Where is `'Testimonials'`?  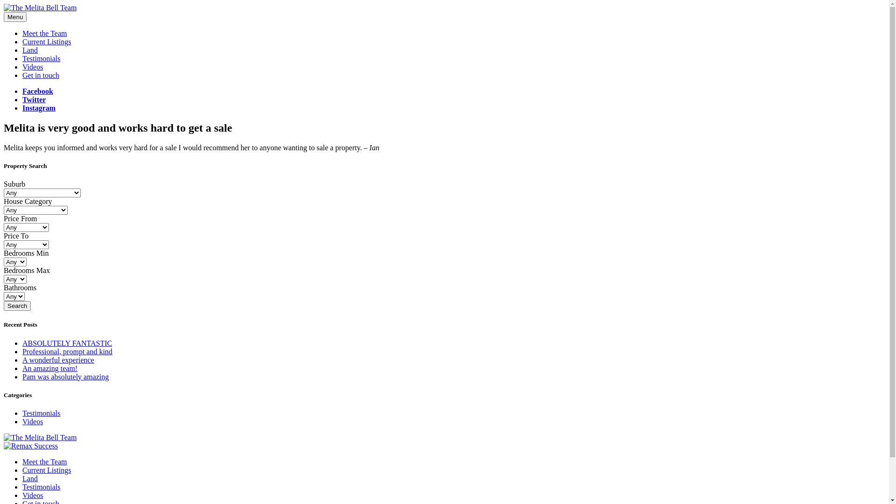
'Testimonials' is located at coordinates (22, 413).